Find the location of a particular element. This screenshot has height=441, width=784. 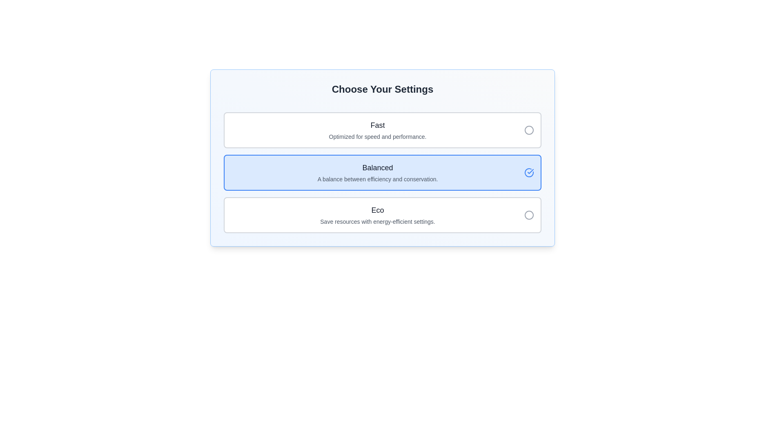

the circular option element in the 'Fast' option row, which is styled minimally with a gray tone and is located at the far right of the row is located at coordinates (529, 130).